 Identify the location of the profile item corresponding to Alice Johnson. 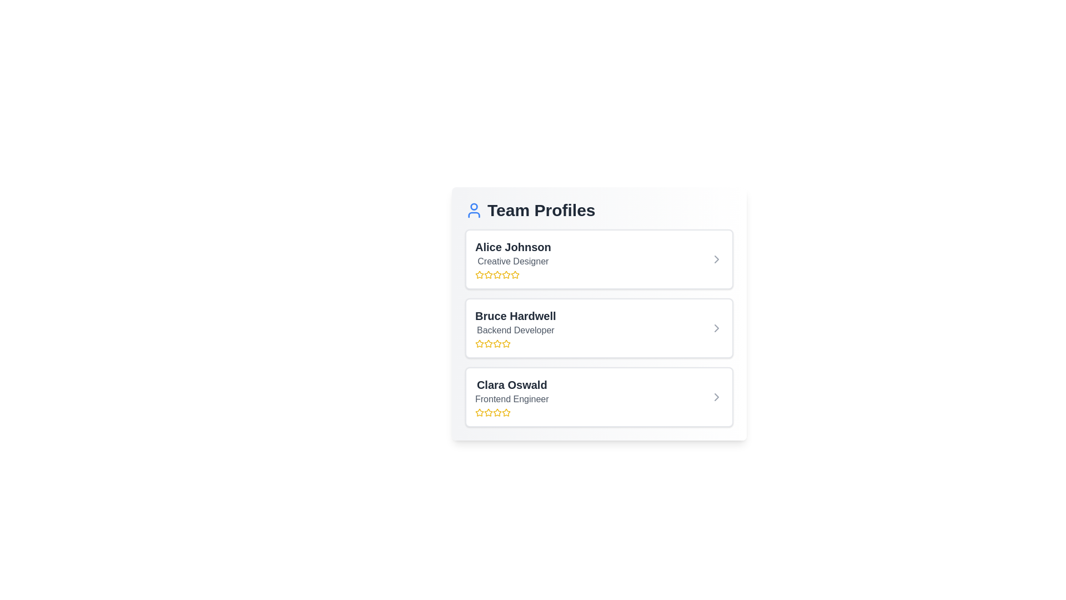
(599, 259).